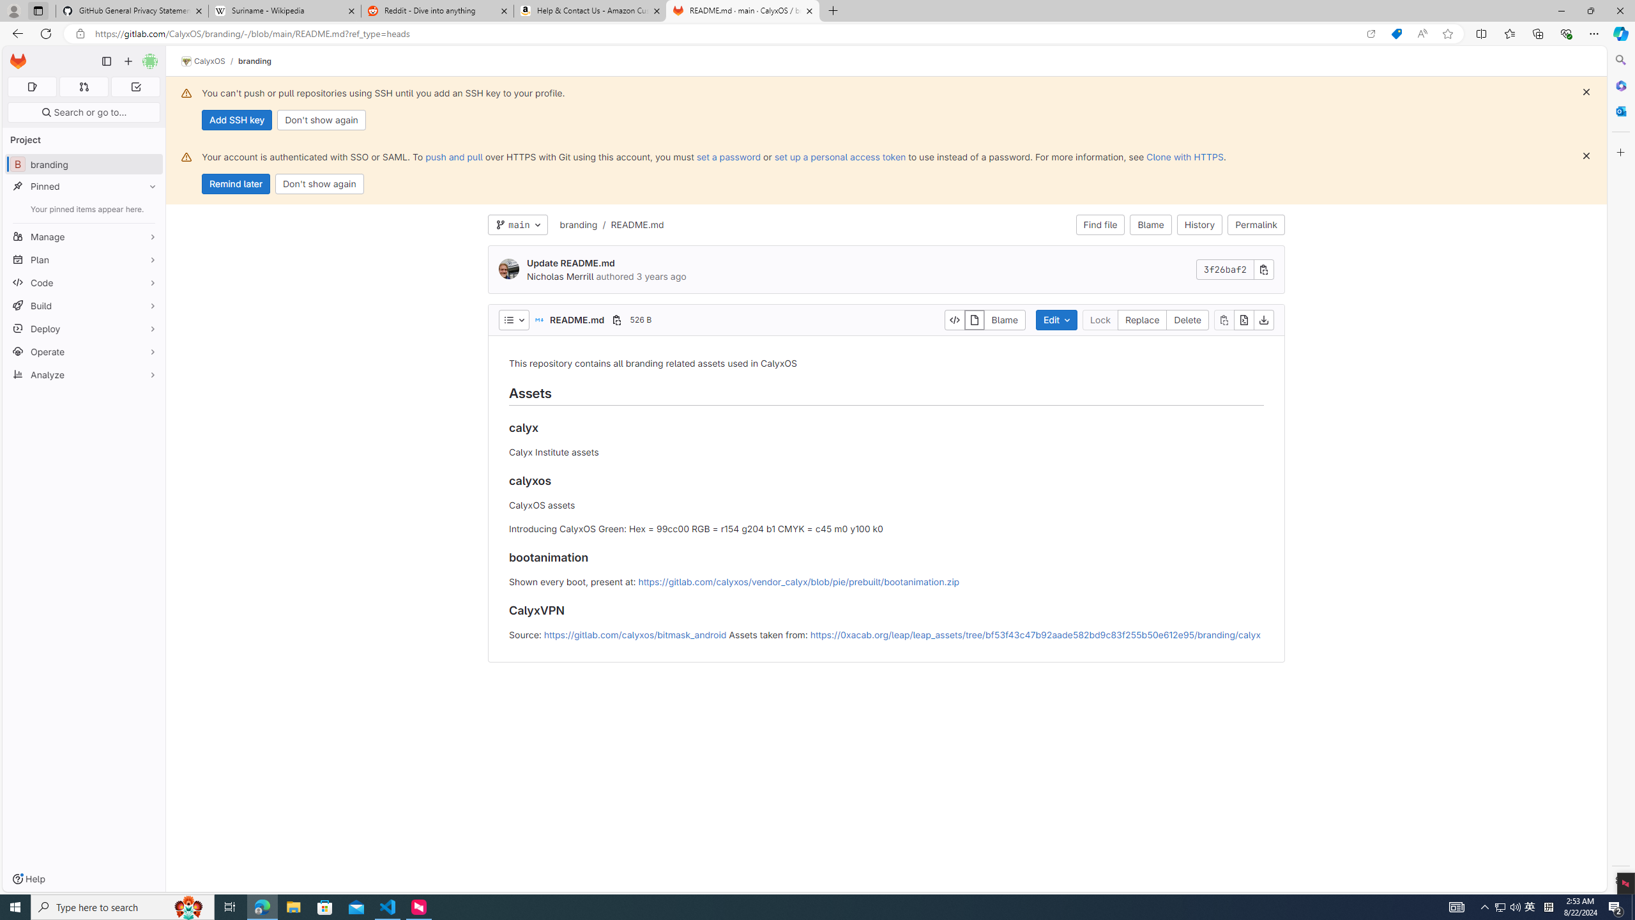  What do you see at coordinates (517, 225) in the screenshot?
I see `'main'` at bounding box center [517, 225].